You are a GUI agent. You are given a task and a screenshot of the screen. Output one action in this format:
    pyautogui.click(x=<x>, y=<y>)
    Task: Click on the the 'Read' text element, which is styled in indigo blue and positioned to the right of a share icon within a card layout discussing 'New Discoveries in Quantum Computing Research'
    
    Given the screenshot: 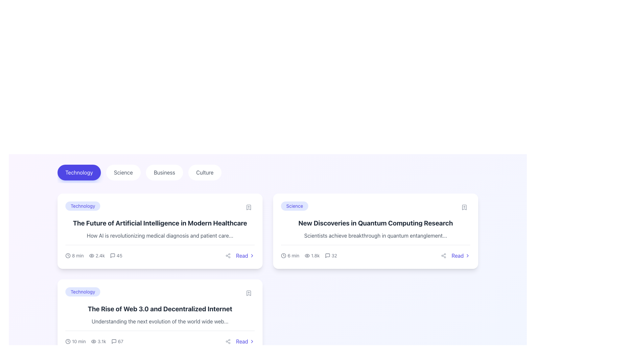 What is the action you would take?
    pyautogui.click(x=454, y=255)
    